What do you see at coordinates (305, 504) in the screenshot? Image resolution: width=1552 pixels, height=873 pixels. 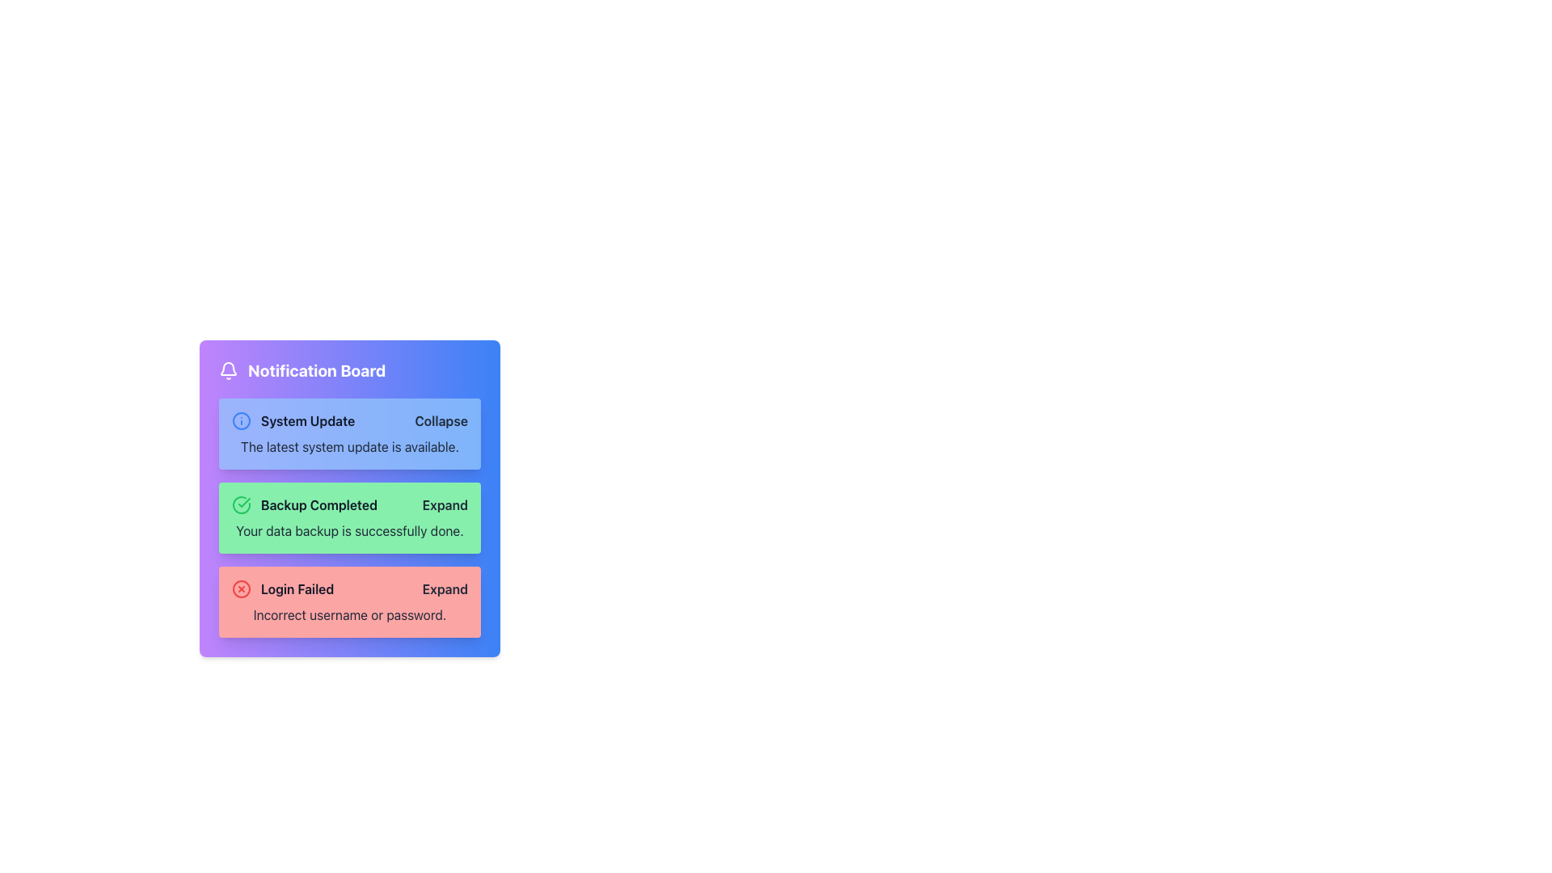 I see `the static text indicating that the backup process has been successfully completed, which is located in the green notification bar below the 'System Update' section and above the 'Login Failed' section` at bounding box center [305, 504].